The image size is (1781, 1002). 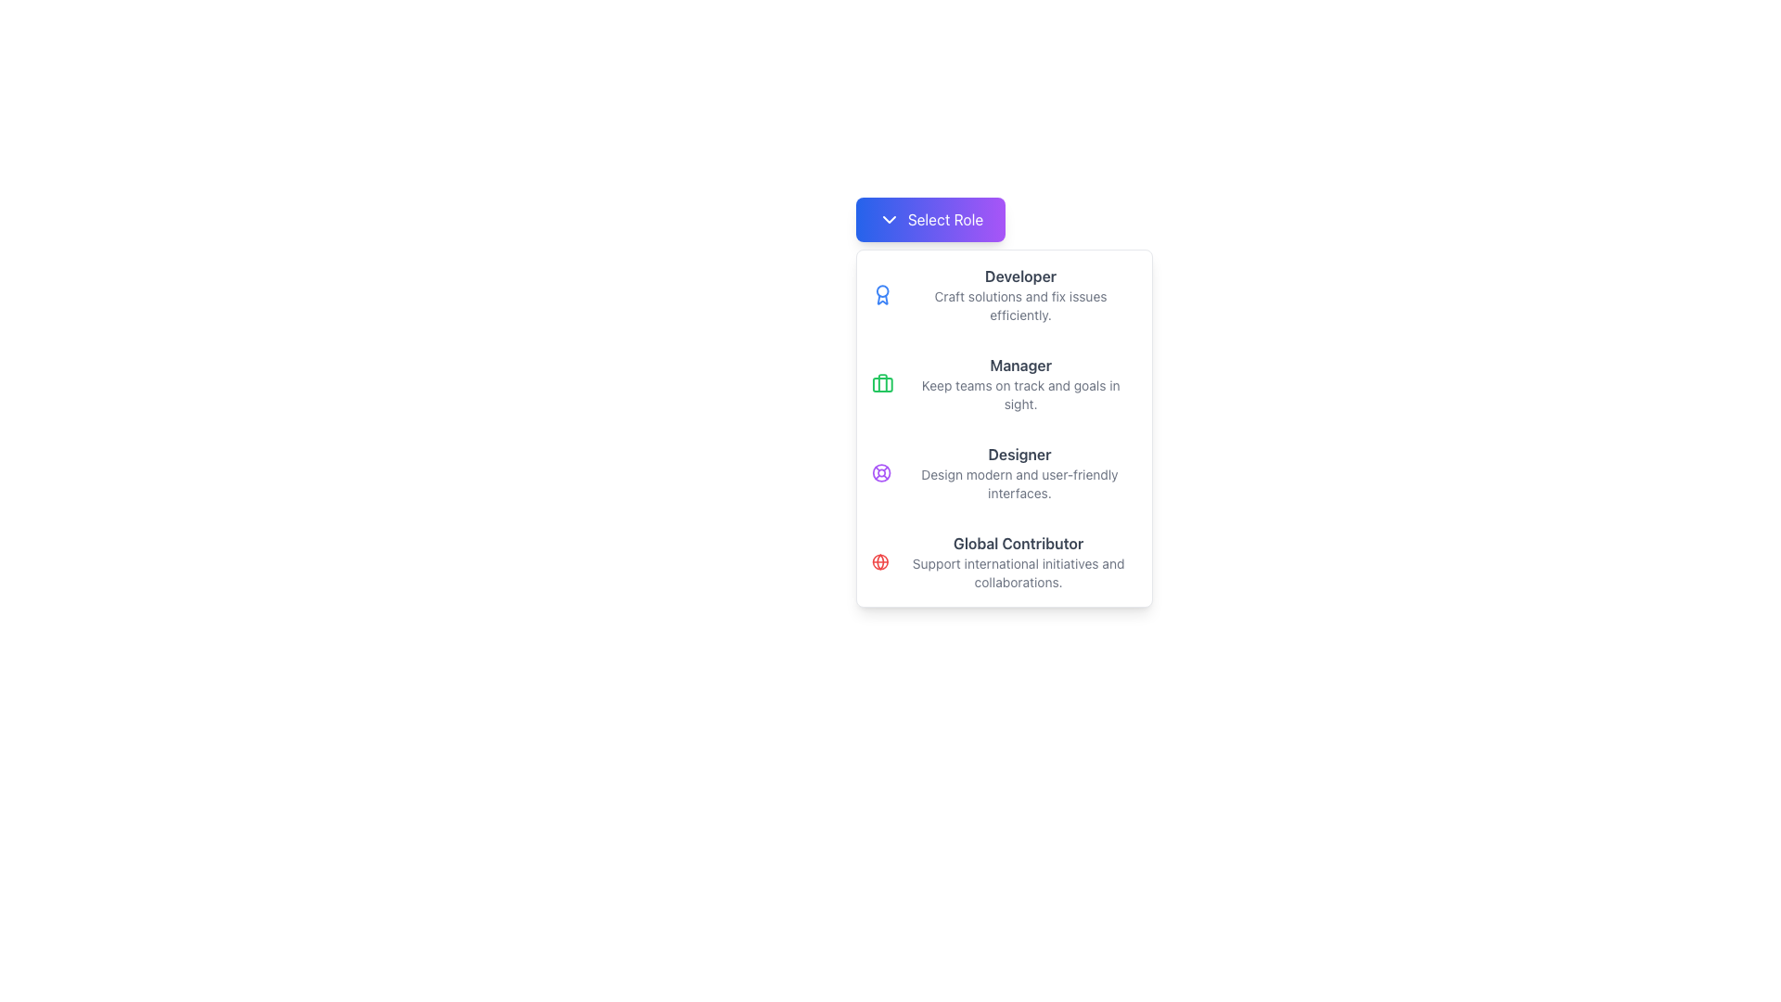 I want to click on the 'Manager' selectable list item in the dropdown menu, so click(x=1003, y=382).